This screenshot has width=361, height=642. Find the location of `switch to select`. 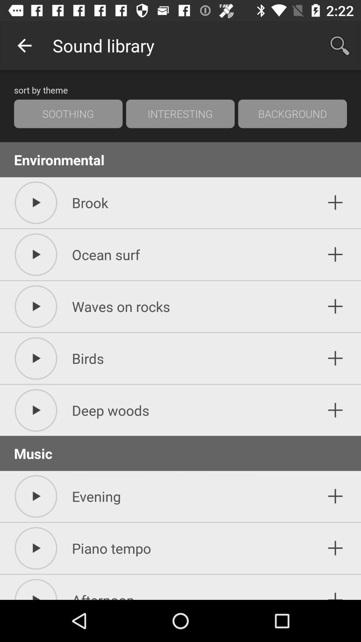

switch to select is located at coordinates (335, 548).